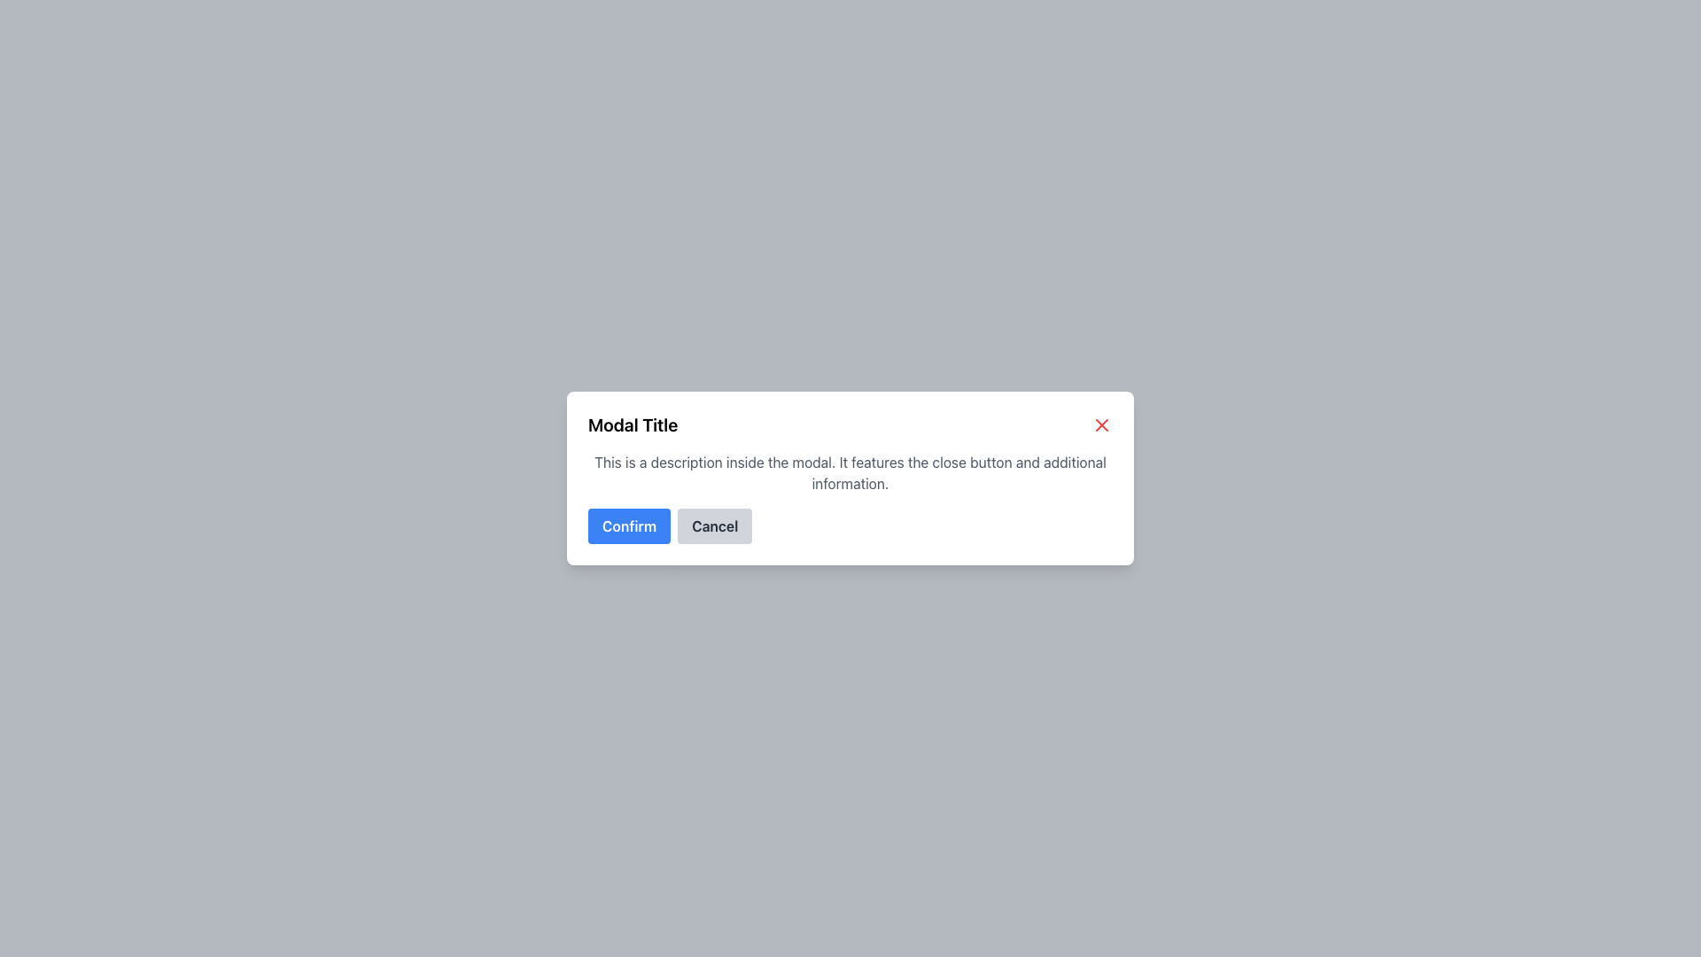  I want to click on the red 'X' icon in the top-right corner of the modal dialog, so click(1100, 424).